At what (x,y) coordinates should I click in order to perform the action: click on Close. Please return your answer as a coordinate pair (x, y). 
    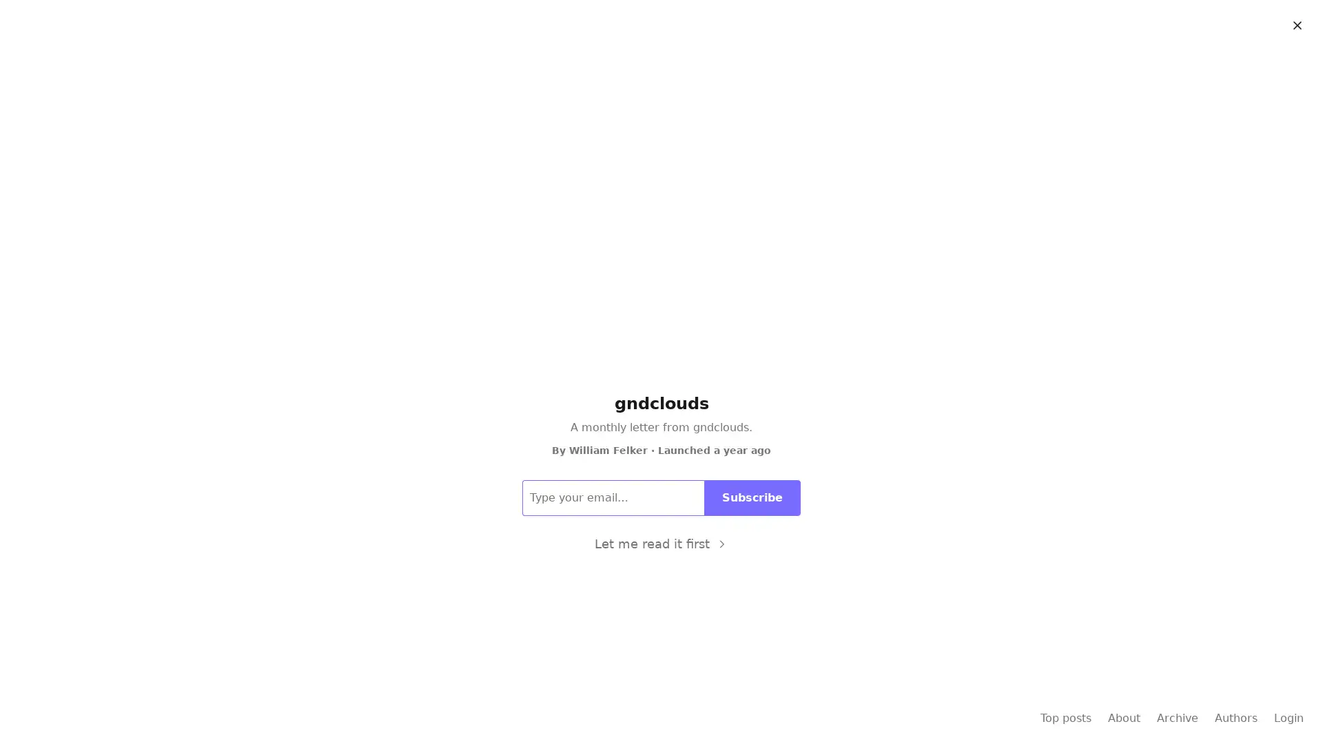
    Looking at the image, I should click on (1296, 25).